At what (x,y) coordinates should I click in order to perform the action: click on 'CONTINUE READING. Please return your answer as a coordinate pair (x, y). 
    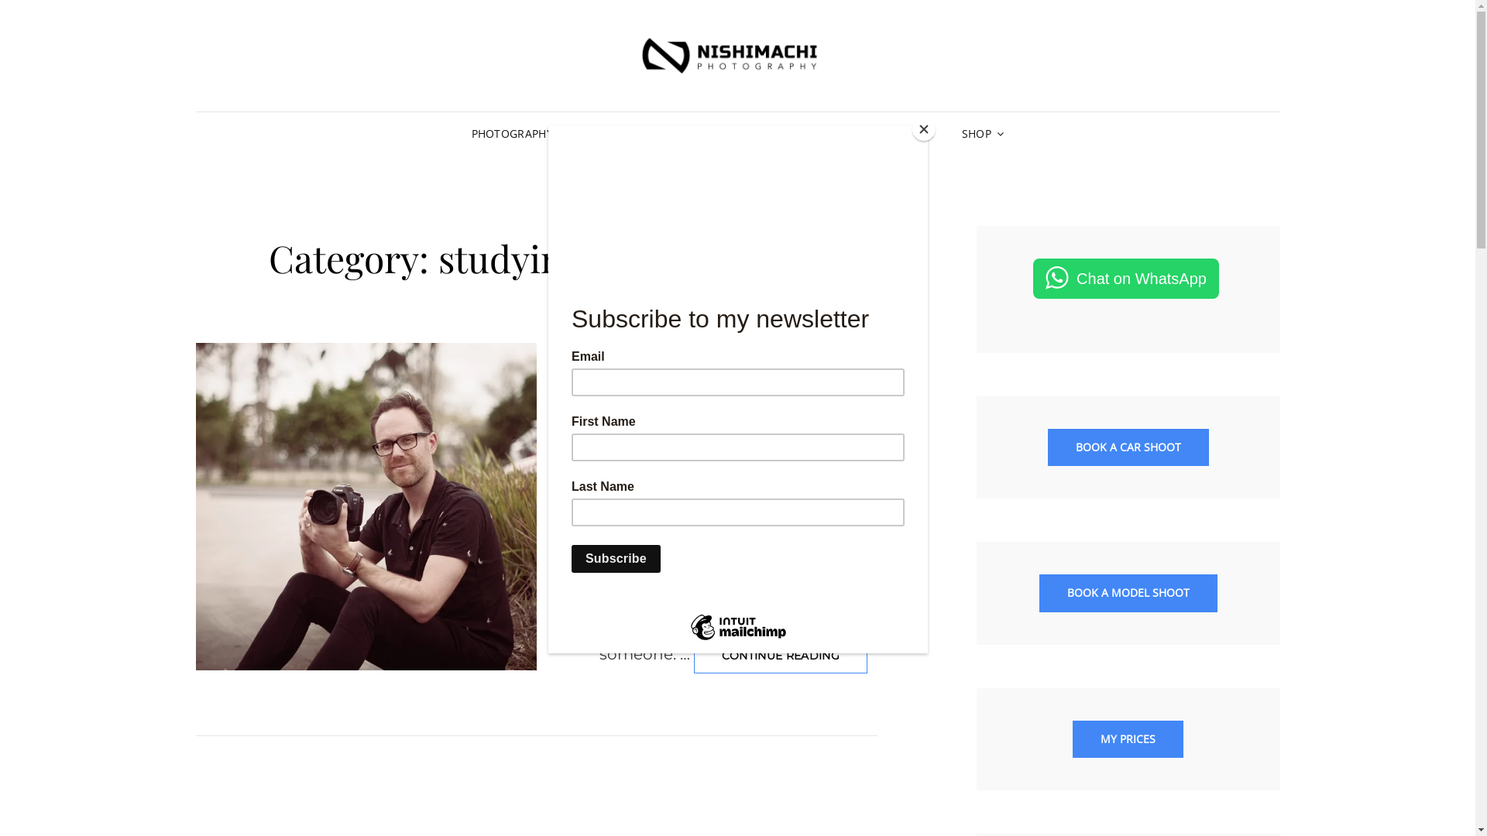
    Looking at the image, I should click on (693, 656).